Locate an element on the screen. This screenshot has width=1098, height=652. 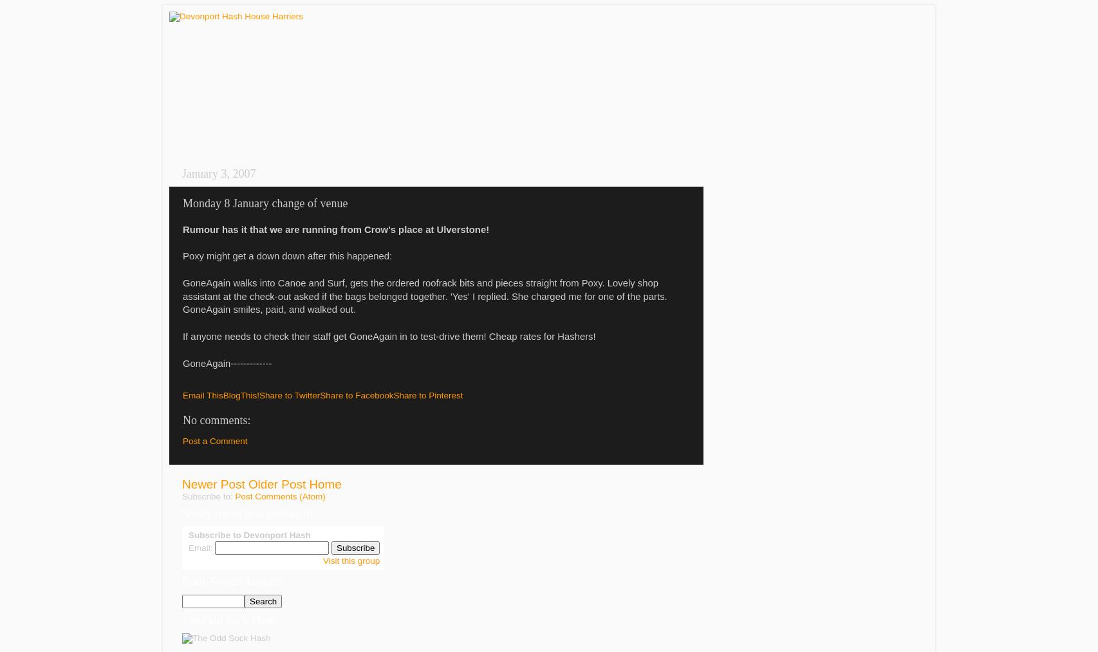
'Newer Post' is located at coordinates (213, 484).